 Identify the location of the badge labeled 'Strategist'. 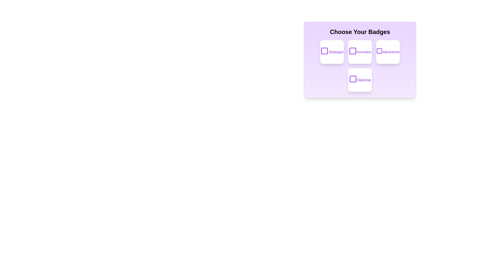
(332, 52).